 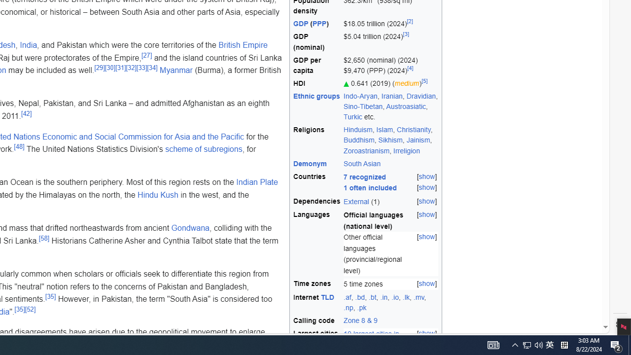 What do you see at coordinates (372, 296) in the screenshot?
I see `'.bt'` at bounding box center [372, 296].